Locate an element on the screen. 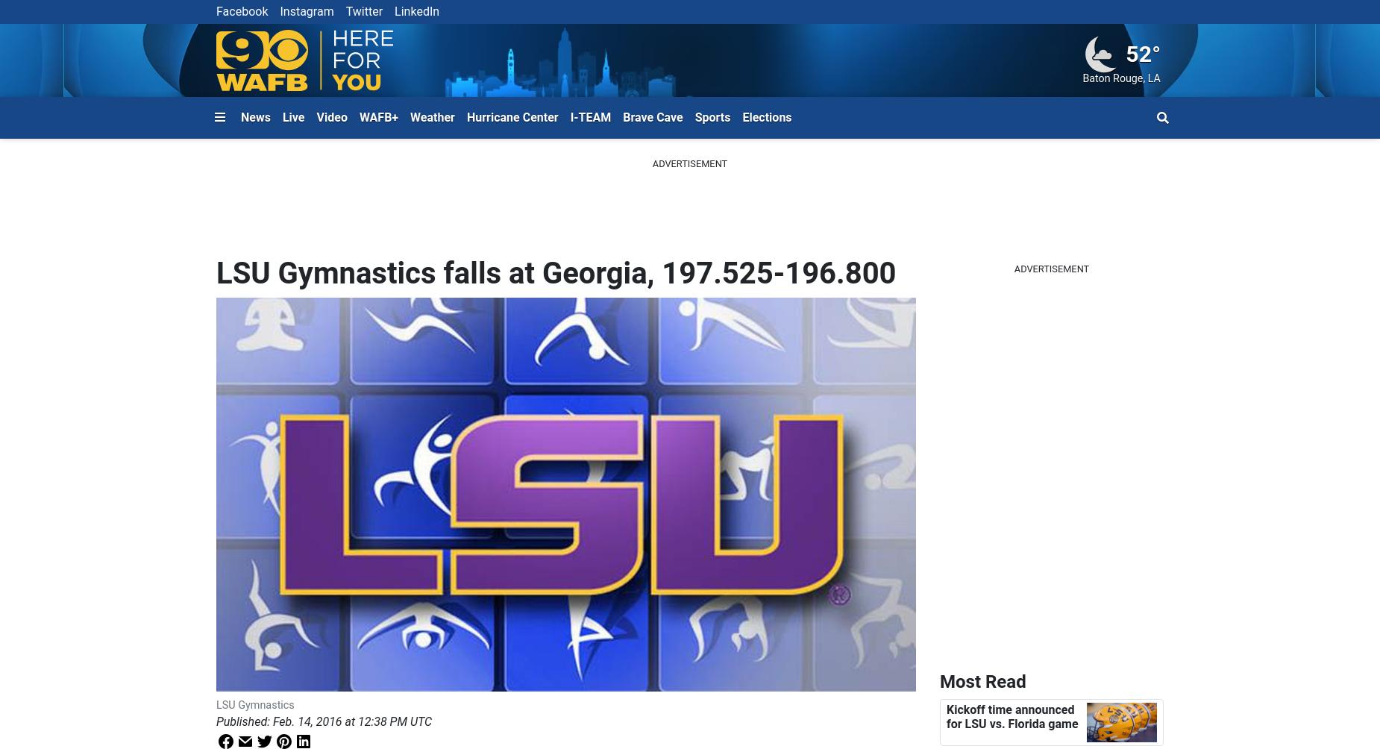  ':' is located at coordinates (266, 721).